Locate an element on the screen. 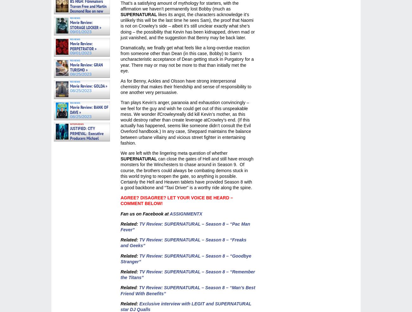 This screenshot has width=412, height=312. 'ASSIGNMENTX' is located at coordinates (185, 213).